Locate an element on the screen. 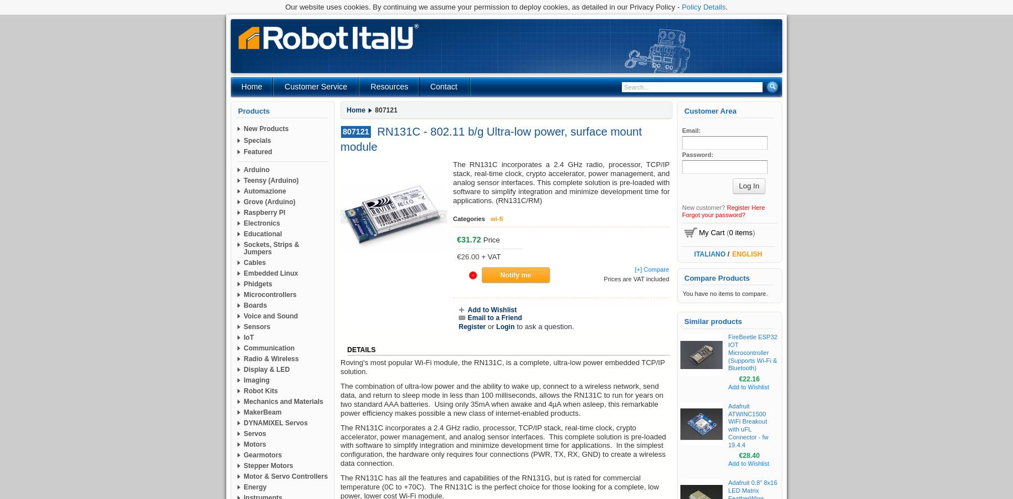  'Arduino' is located at coordinates (256, 169).